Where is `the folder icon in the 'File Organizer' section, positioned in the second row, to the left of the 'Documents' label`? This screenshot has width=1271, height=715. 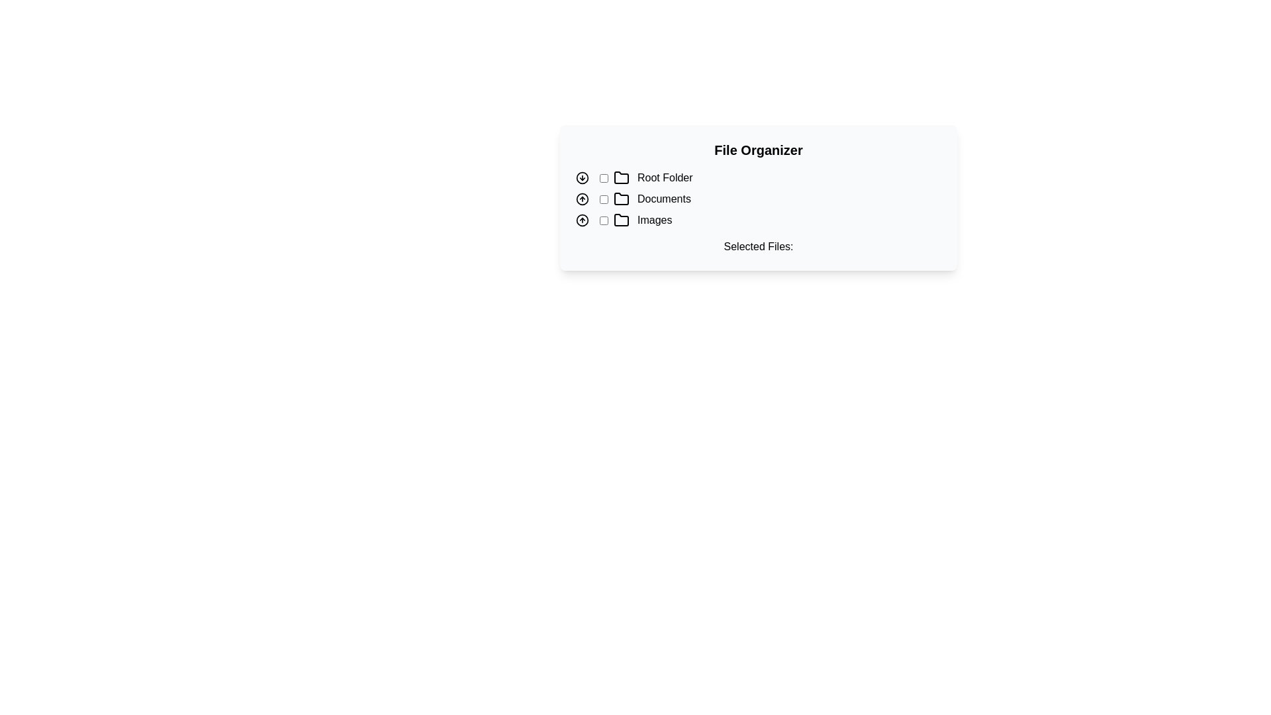
the folder icon in the 'File Organizer' section, positioned in the second row, to the left of the 'Documents' label is located at coordinates (621, 199).